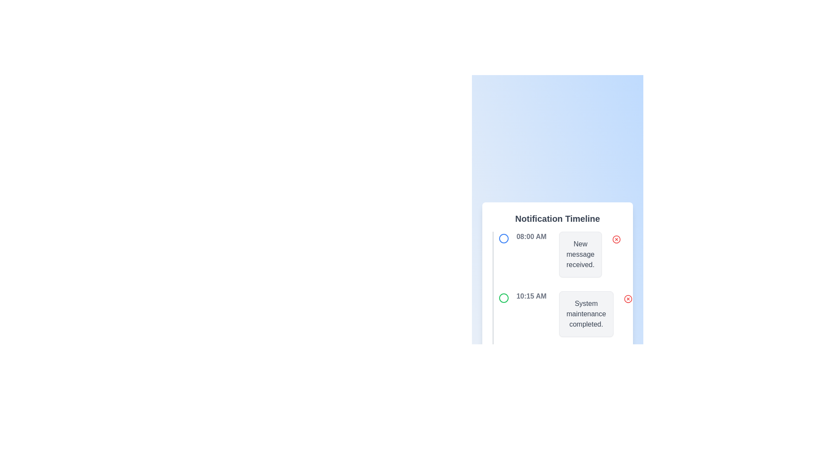  Describe the element at coordinates (531, 236) in the screenshot. I see `the text label displaying '08:00 AM', which is the first time label in the timeline interface, positioned between a blue circular icon and a notification box` at that location.